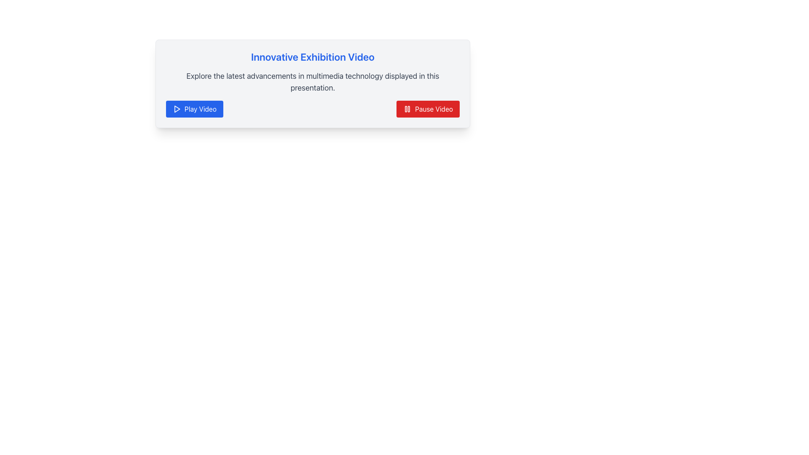 Image resolution: width=809 pixels, height=455 pixels. What do you see at coordinates (194, 108) in the screenshot?
I see `the first button in the horizontal layout that initiates video playback` at bounding box center [194, 108].